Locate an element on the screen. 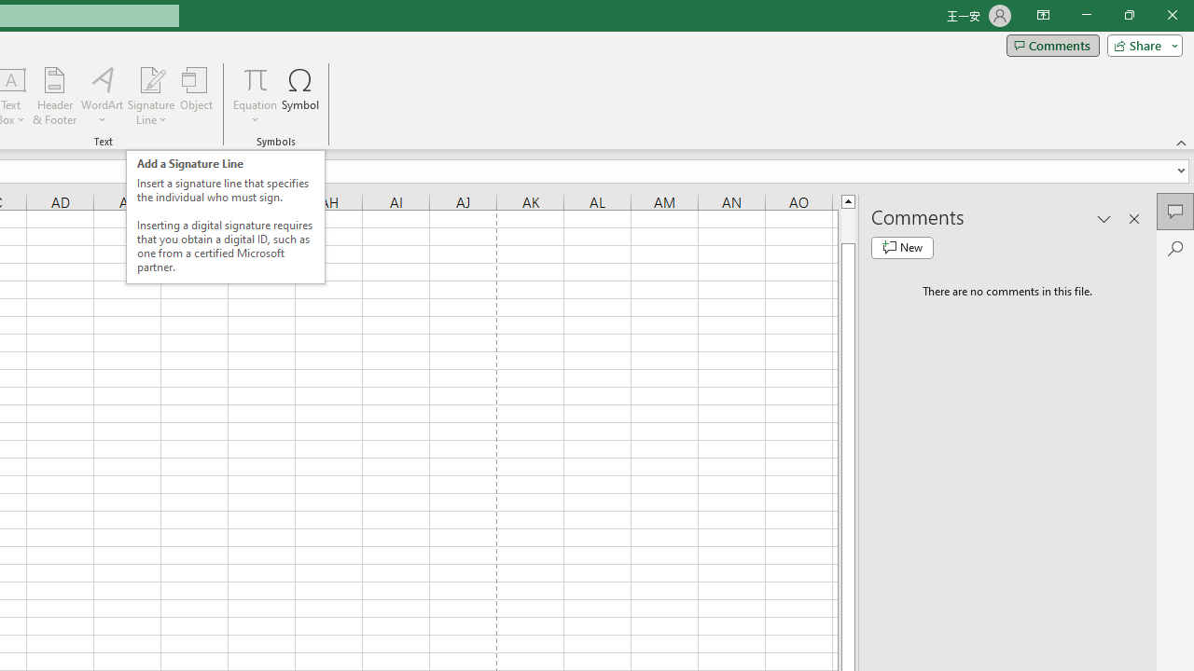 This screenshot has width=1194, height=671. 'Symbol...' is located at coordinates (300, 96).